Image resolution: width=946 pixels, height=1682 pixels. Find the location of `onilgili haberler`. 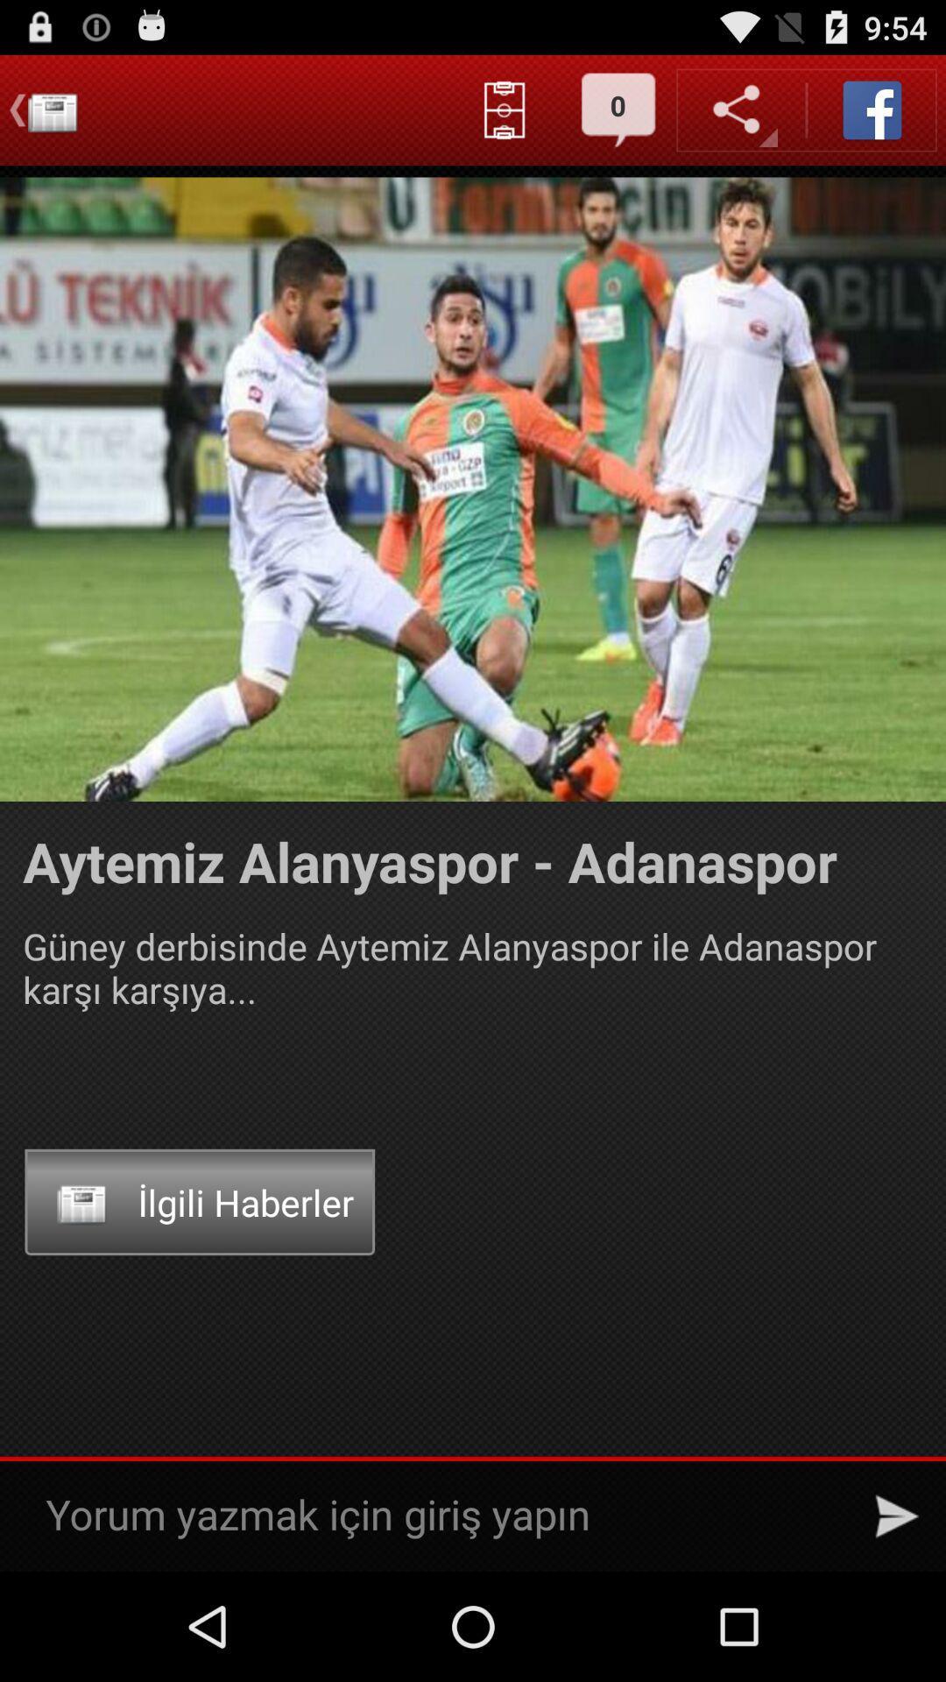

onilgili haberler is located at coordinates (199, 1201).